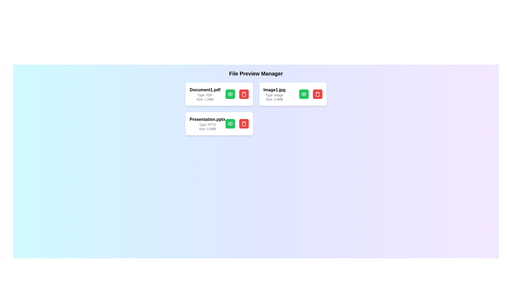 The width and height of the screenshot is (507, 285). What do you see at coordinates (207, 125) in the screenshot?
I see `the text label displaying the file type information for 'Presentation.pptx', which is located below the file name and above the file size details` at bounding box center [207, 125].